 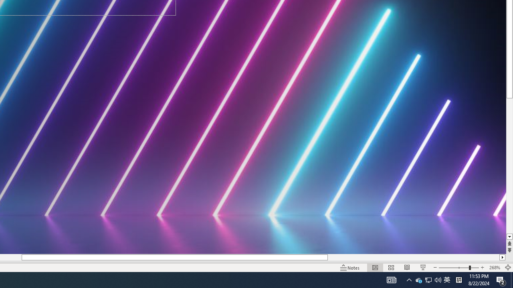 I want to click on 'Zoom In', so click(x=482, y=268).